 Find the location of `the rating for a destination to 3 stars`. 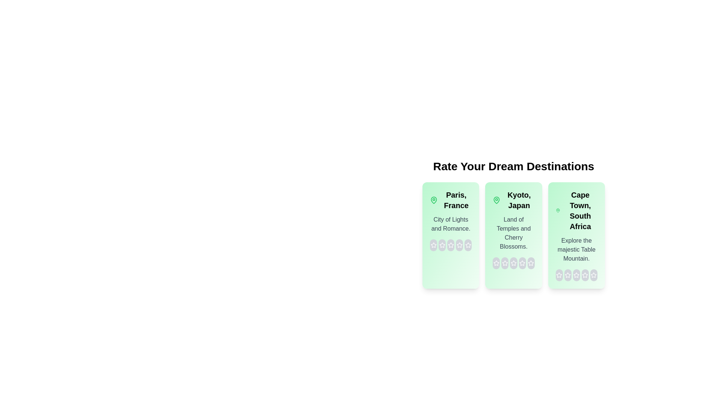

the rating for a destination to 3 stars is located at coordinates (451, 245).